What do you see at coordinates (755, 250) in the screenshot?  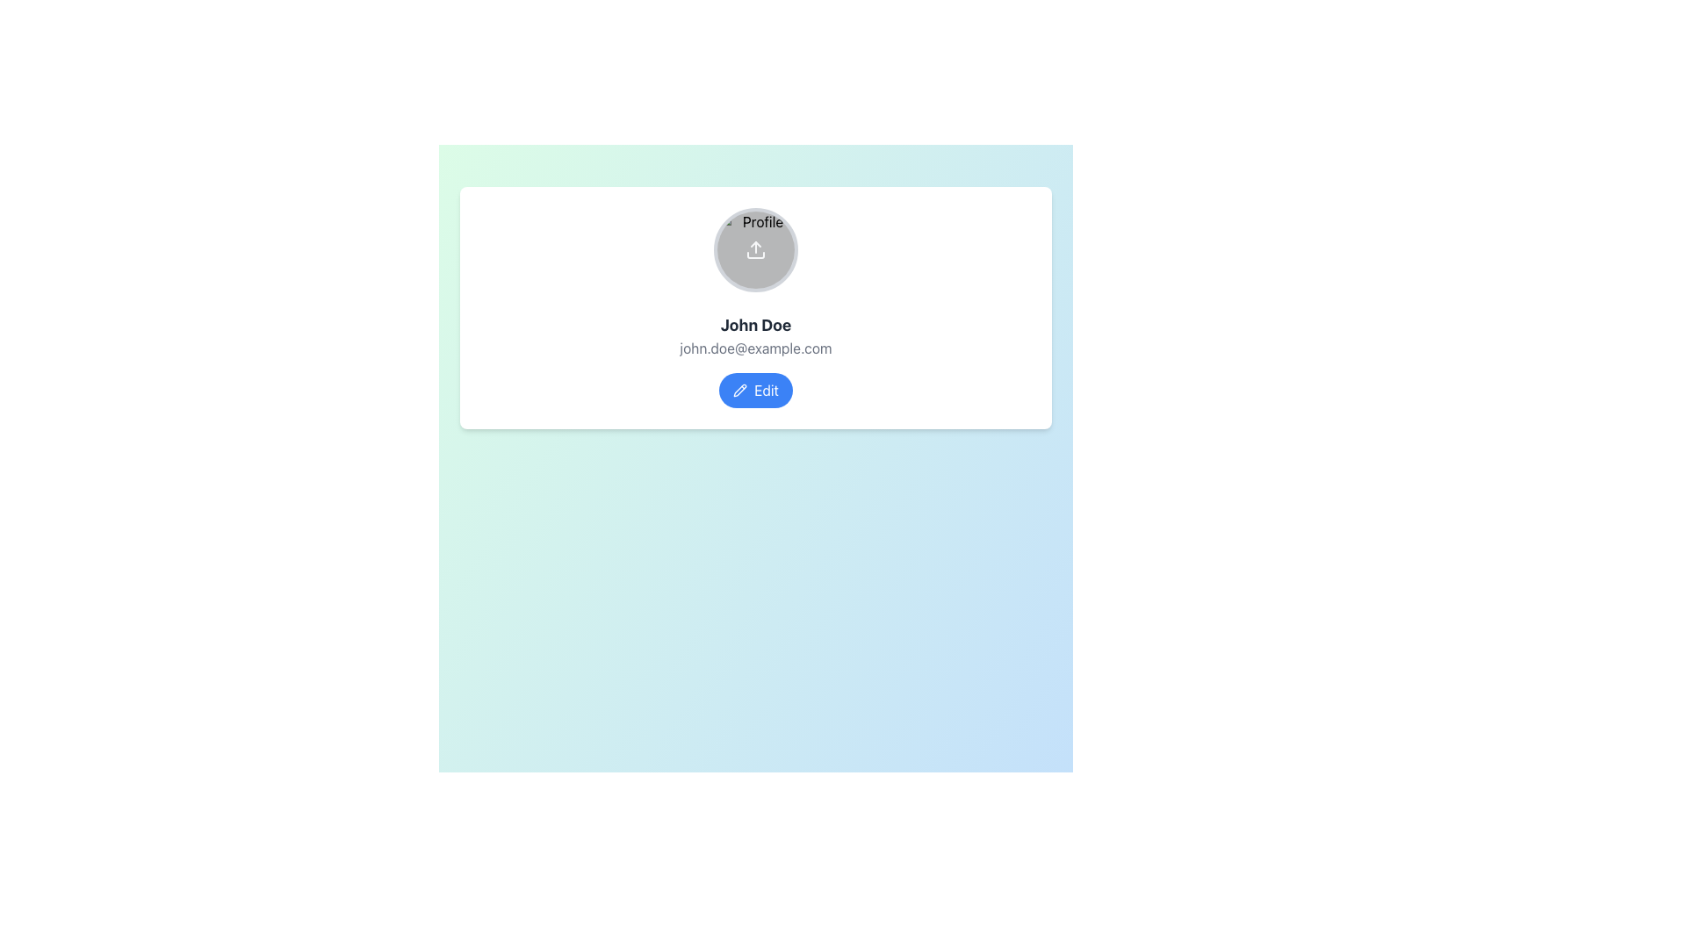 I see `the circular profile image placeholder labeled 'Profile' to upload a photo` at bounding box center [755, 250].